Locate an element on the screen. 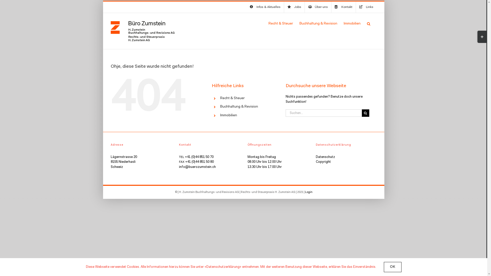 Image resolution: width=491 pixels, height=276 pixels. 'Links' is located at coordinates (356, 7).